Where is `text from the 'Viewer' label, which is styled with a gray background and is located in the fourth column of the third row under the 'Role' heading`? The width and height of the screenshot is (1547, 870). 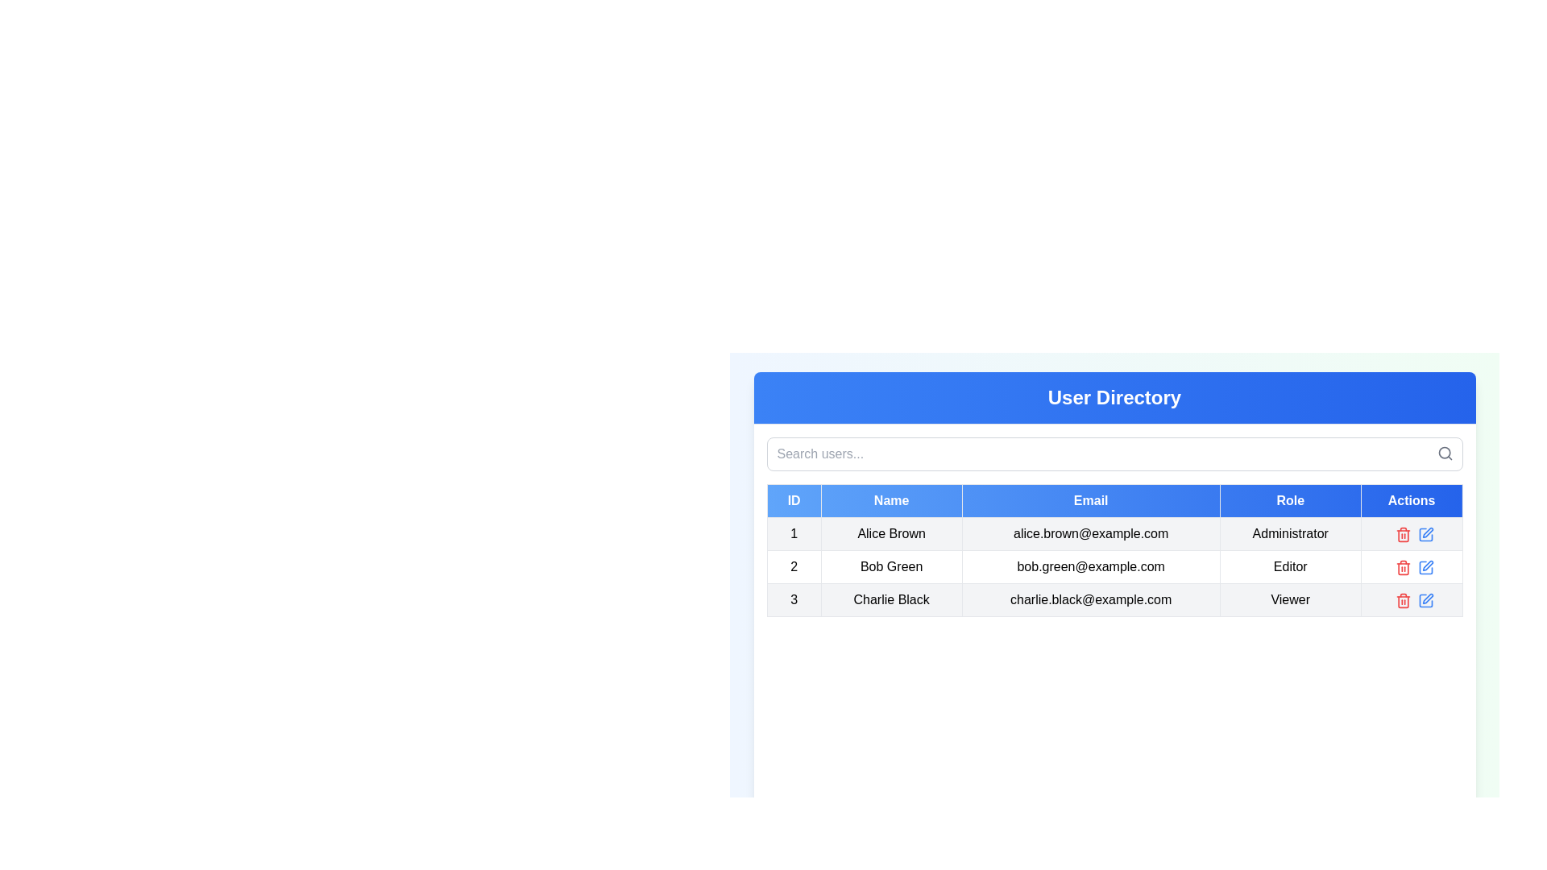 text from the 'Viewer' label, which is styled with a gray background and is located in the fourth column of the third row under the 'Role' heading is located at coordinates (1290, 599).